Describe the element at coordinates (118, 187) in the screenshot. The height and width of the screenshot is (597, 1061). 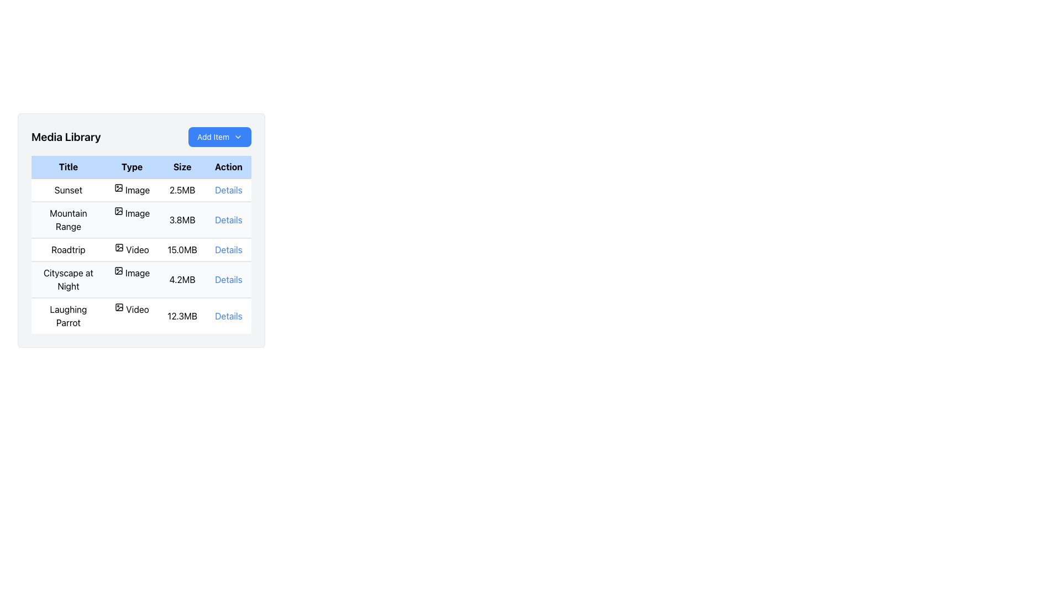
I see `the media type icon indicating 'Image' in the 'Media Library' table, specifically in the row associated with the title 'Sunset'` at that location.